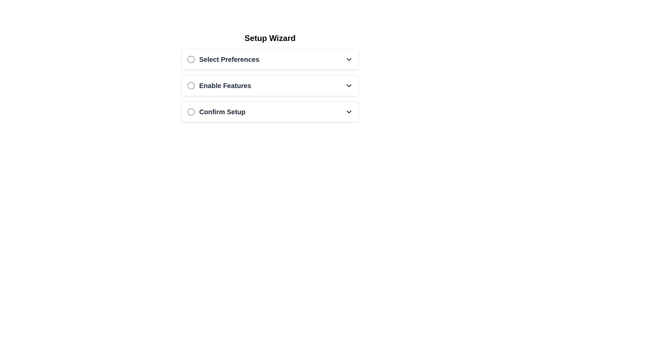 The image size is (645, 363). I want to click on the text label that serves as a title in the setup wizard, positioned as the third item in a vertical list with a circular icon to its left and a dropdown indicator to its right, so click(222, 111).